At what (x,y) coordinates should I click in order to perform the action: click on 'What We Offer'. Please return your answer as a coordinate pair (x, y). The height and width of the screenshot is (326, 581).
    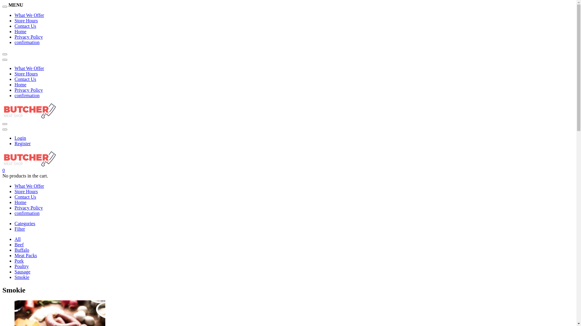
    Looking at the image, I should click on (29, 15).